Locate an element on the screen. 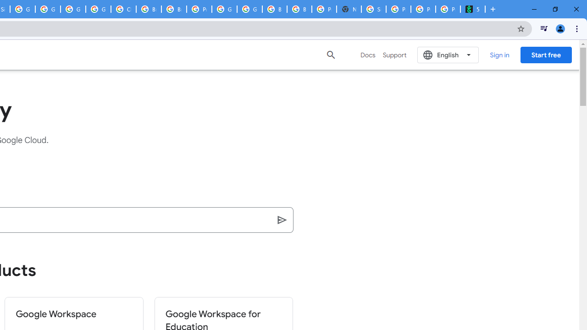 Image resolution: width=587 pixels, height=330 pixels. 'Google Cloud Platform' is located at coordinates (249, 9).